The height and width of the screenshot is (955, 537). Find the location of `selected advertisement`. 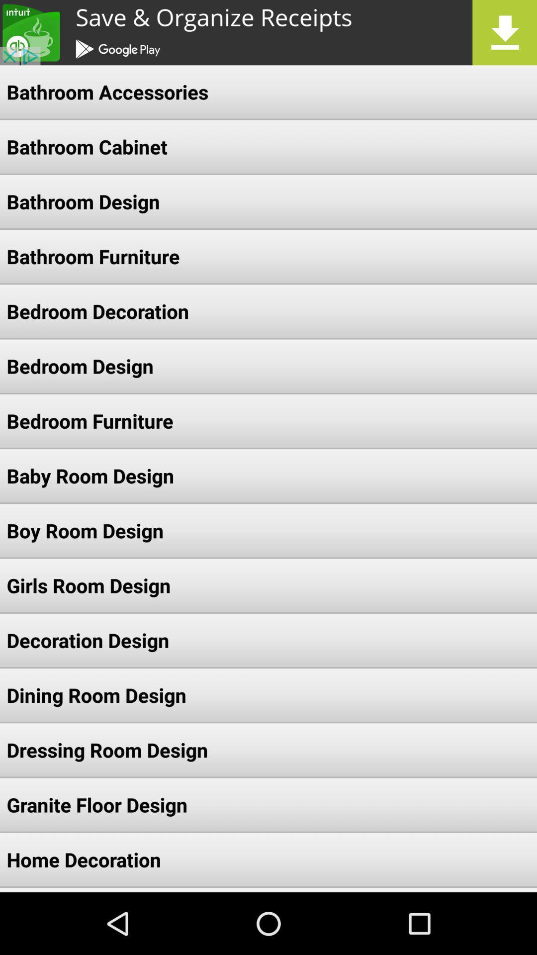

selected advertisement is located at coordinates (268, 32).